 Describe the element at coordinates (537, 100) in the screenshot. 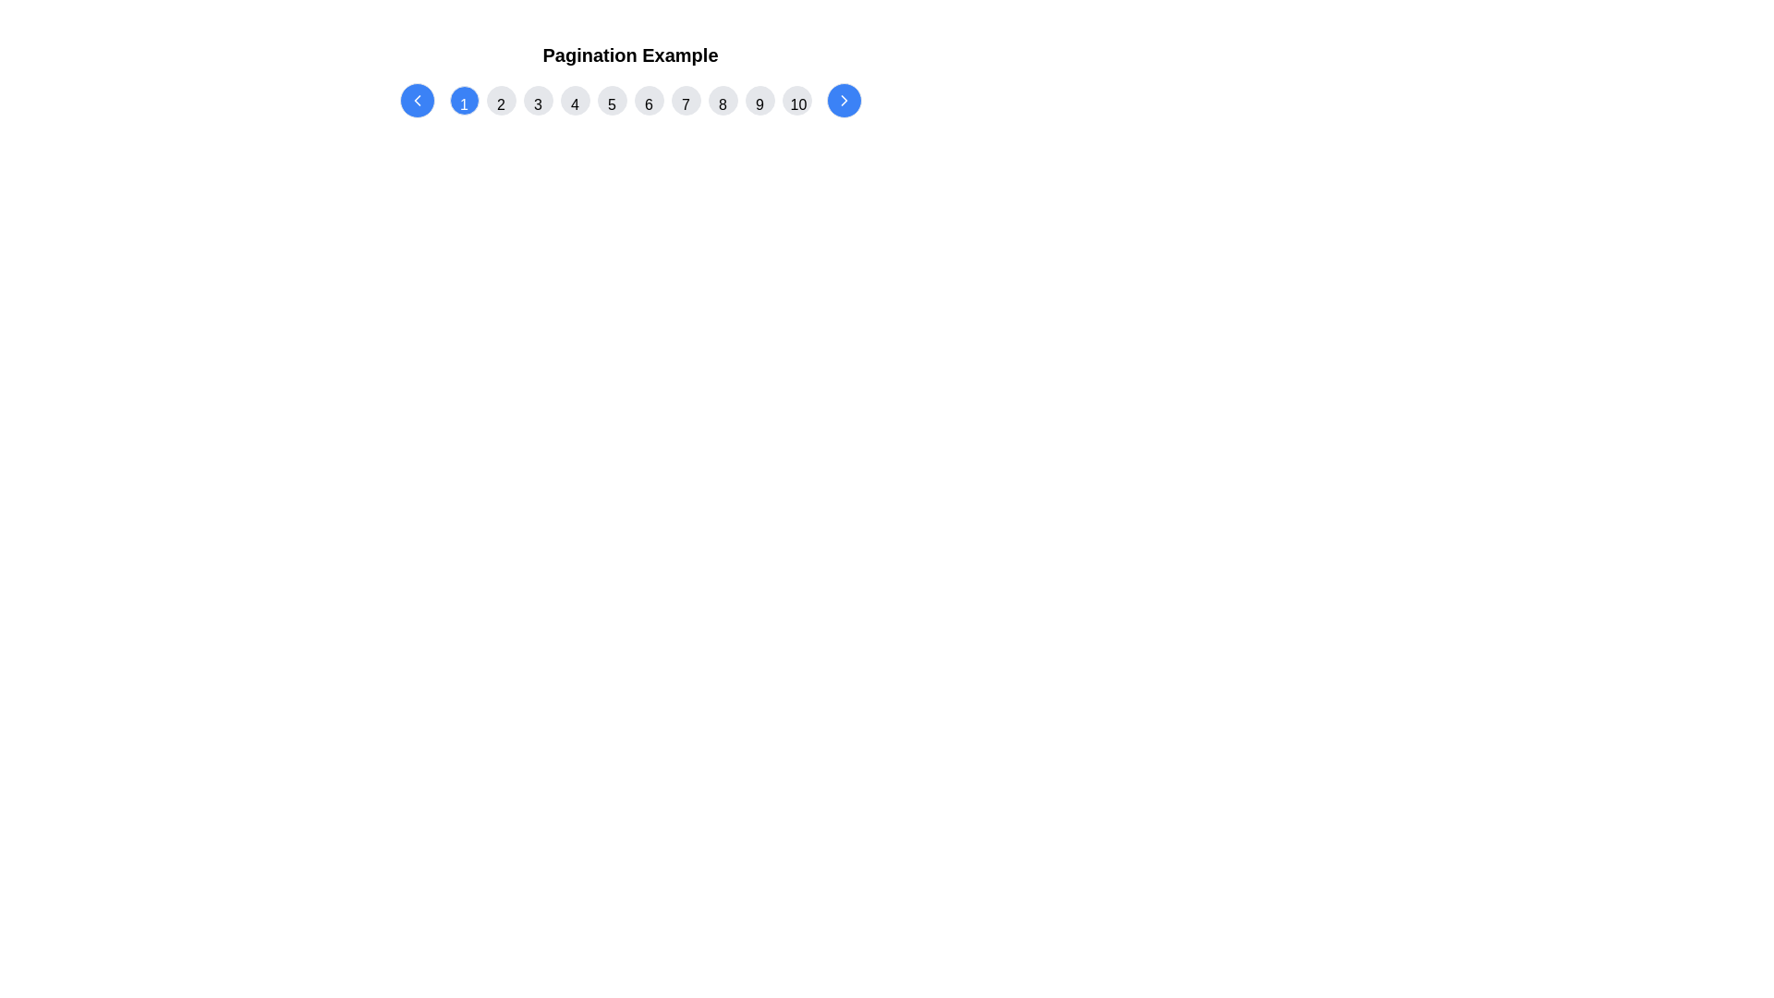

I see `the circular button labeled '3' with a gray background, located centrally among pagination buttons, to change its background color` at that location.